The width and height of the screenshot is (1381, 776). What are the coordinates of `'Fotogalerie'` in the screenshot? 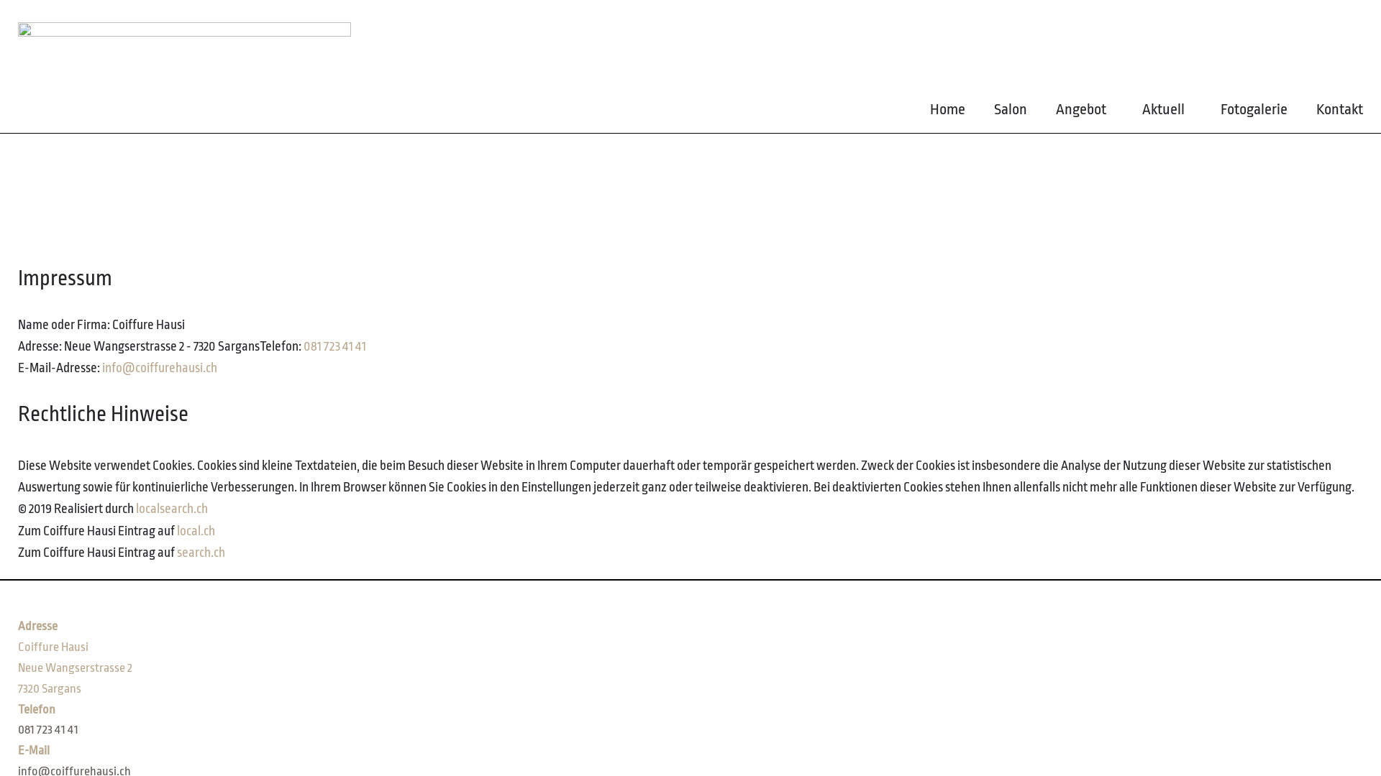 It's located at (1253, 112).